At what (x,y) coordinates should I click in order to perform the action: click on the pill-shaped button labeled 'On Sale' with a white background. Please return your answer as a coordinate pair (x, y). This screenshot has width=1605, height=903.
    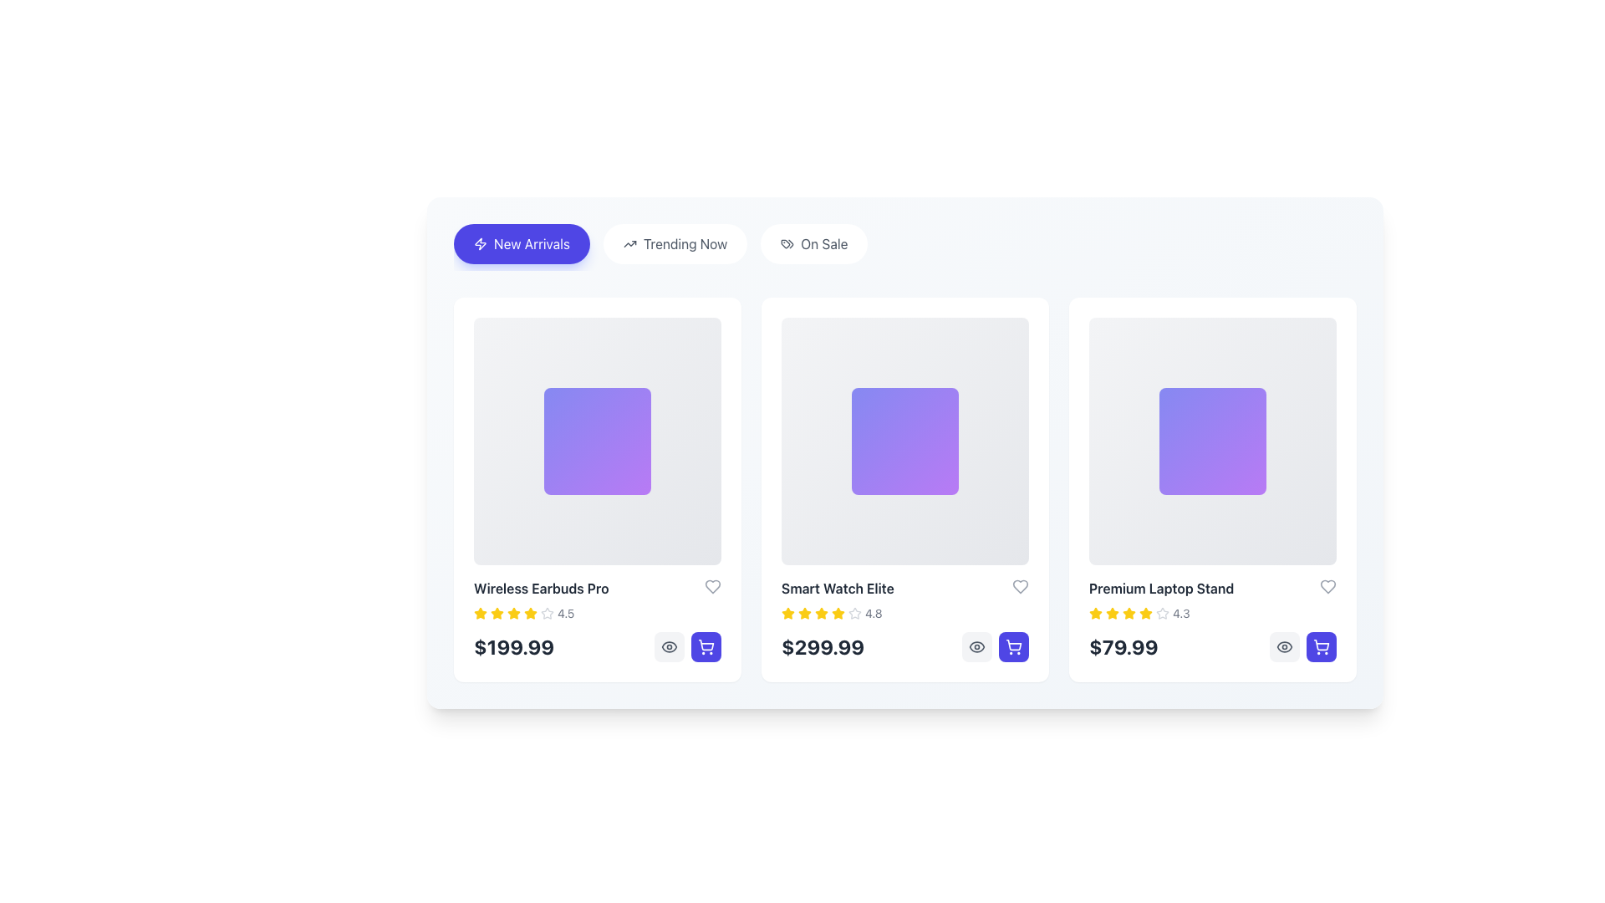
    Looking at the image, I should click on (814, 244).